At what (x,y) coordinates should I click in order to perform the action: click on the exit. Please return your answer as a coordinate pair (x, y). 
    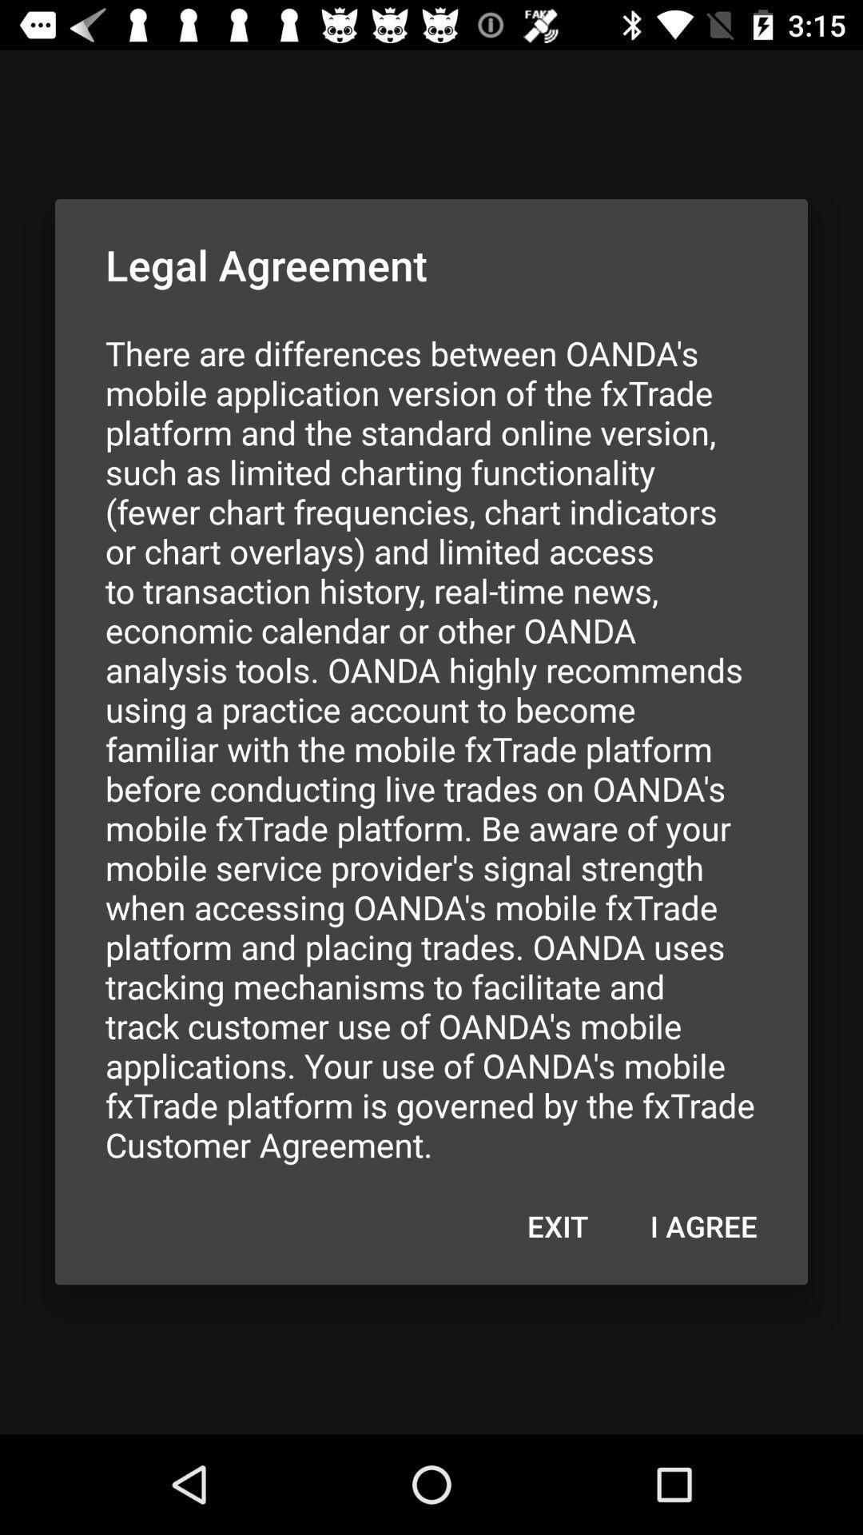
    Looking at the image, I should click on (557, 1225).